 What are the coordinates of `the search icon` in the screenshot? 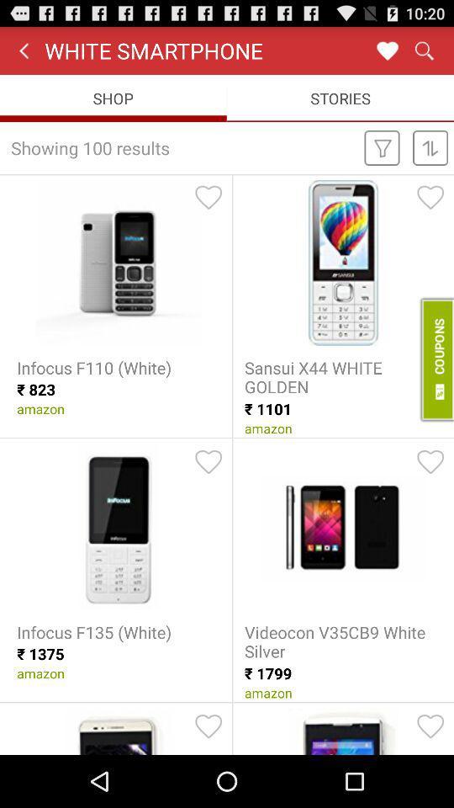 It's located at (423, 54).